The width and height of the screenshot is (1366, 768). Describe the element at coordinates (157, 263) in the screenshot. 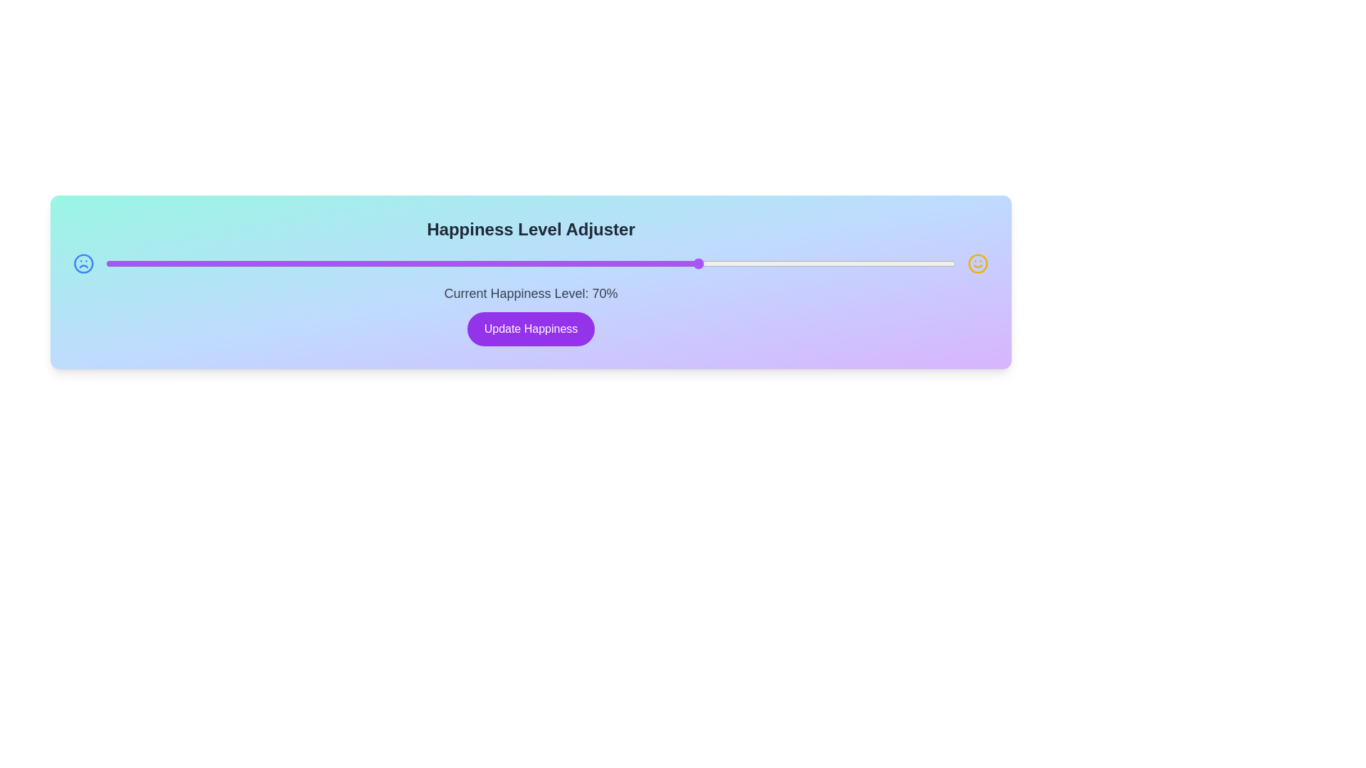

I see `the happiness level to 6% by moving the slider` at that location.